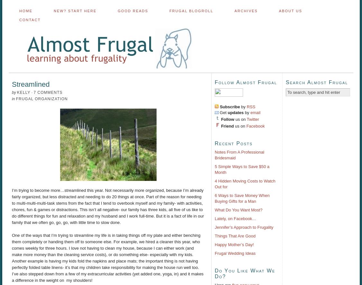 The image size is (362, 285). I want to click on 'Follow', so click(227, 119).